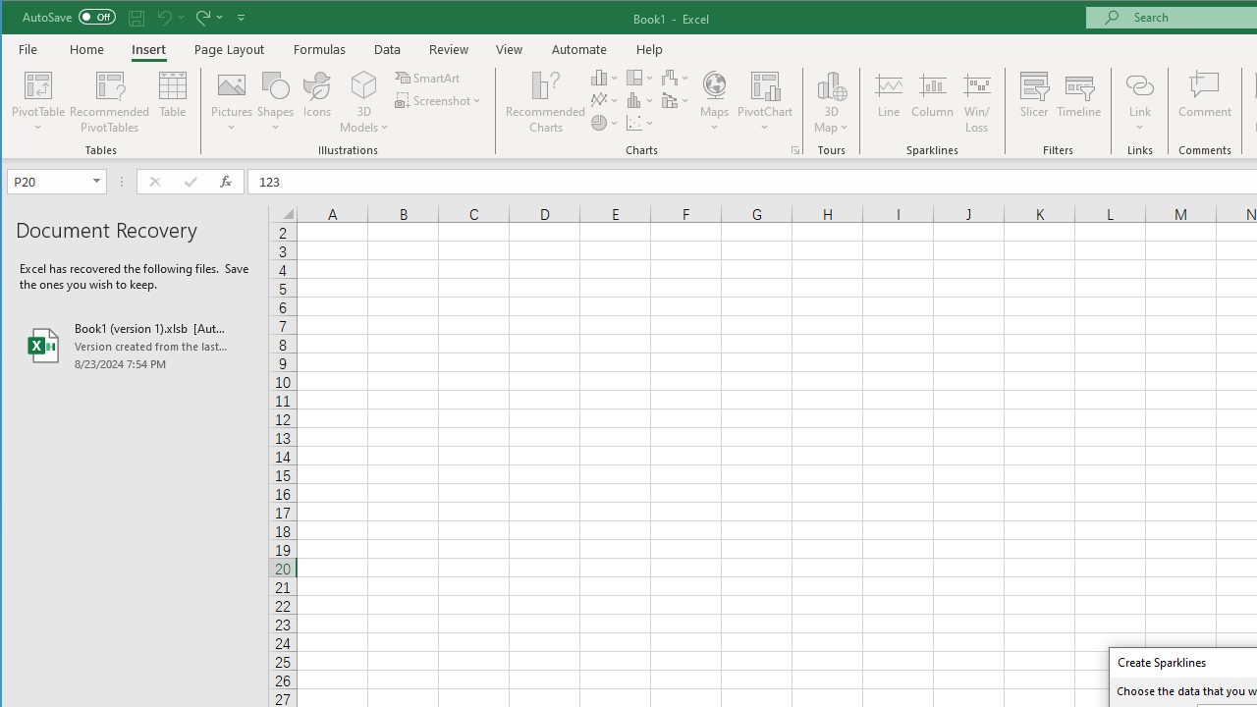 This screenshot has height=707, width=1257. Describe the element at coordinates (977, 102) in the screenshot. I see `'Win/Loss'` at that location.